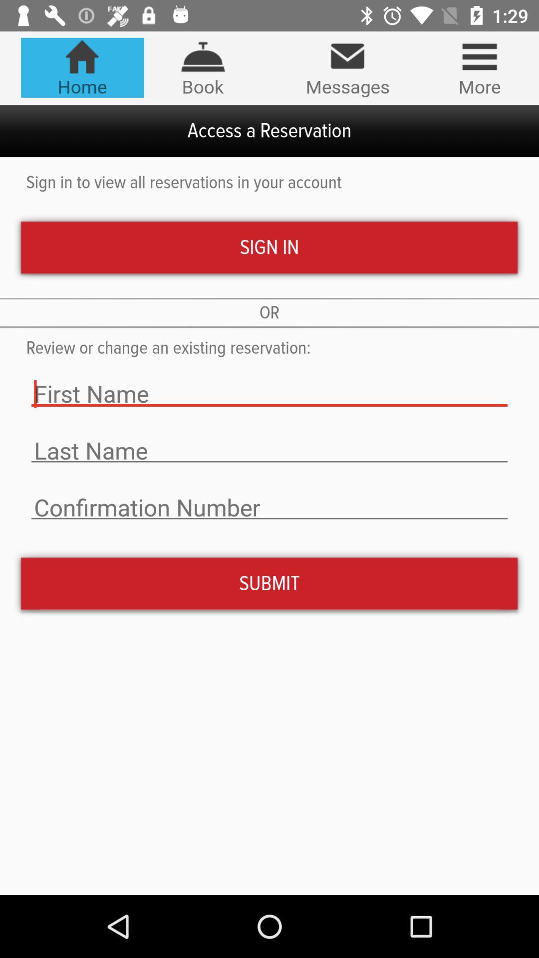 Image resolution: width=539 pixels, height=958 pixels. Describe the element at coordinates (269, 507) in the screenshot. I see `confirmation number` at that location.